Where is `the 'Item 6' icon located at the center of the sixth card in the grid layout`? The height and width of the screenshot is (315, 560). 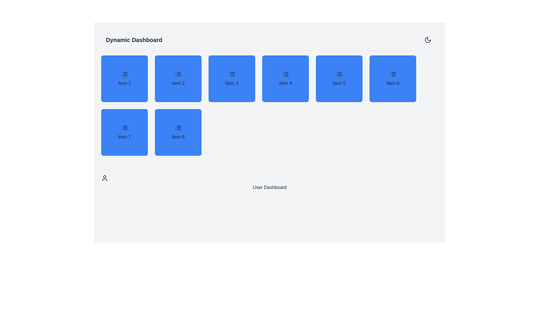 the 'Item 6' icon located at the center of the sixth card in the grid layout is located at coordinates (393, 74).